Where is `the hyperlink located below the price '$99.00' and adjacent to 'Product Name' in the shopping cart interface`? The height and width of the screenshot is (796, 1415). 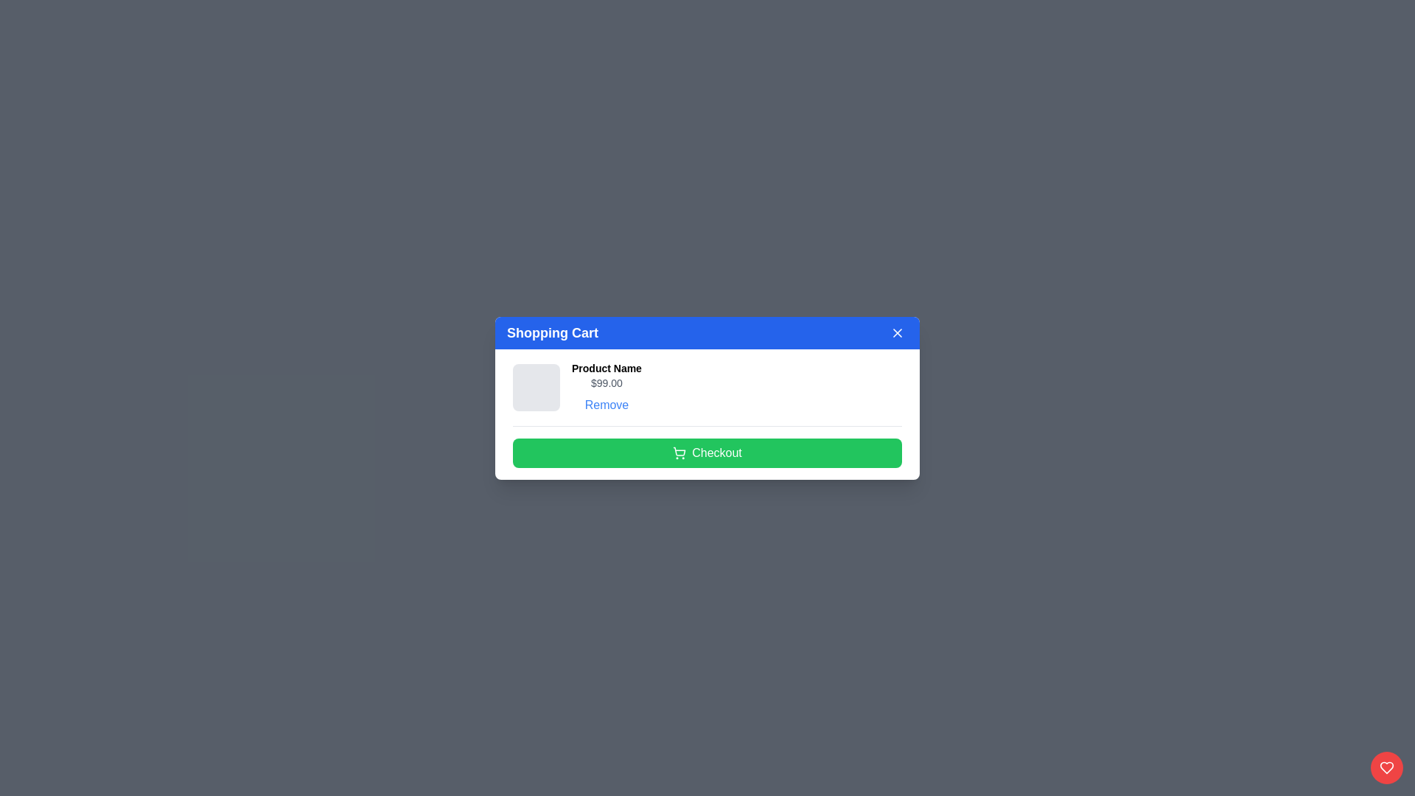 the hyperlink located below the price '$99.00' and adjacent to 'Product Name' in the shopping cart interface is located at coordinates (607, 405).